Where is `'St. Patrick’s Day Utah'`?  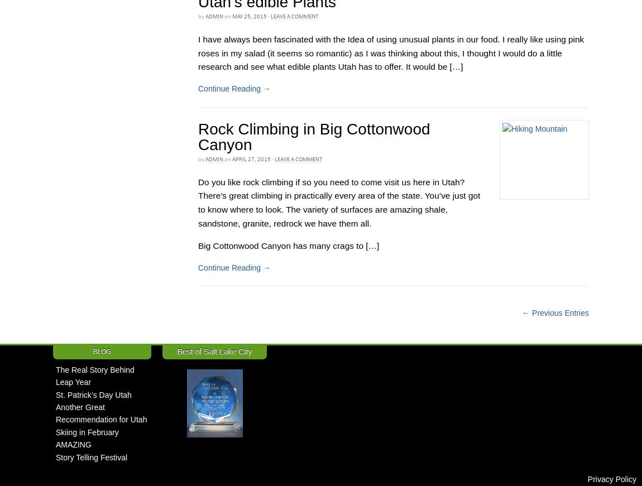
'St. Patrick’s Day Utah' is located at coordinates (93, 393).